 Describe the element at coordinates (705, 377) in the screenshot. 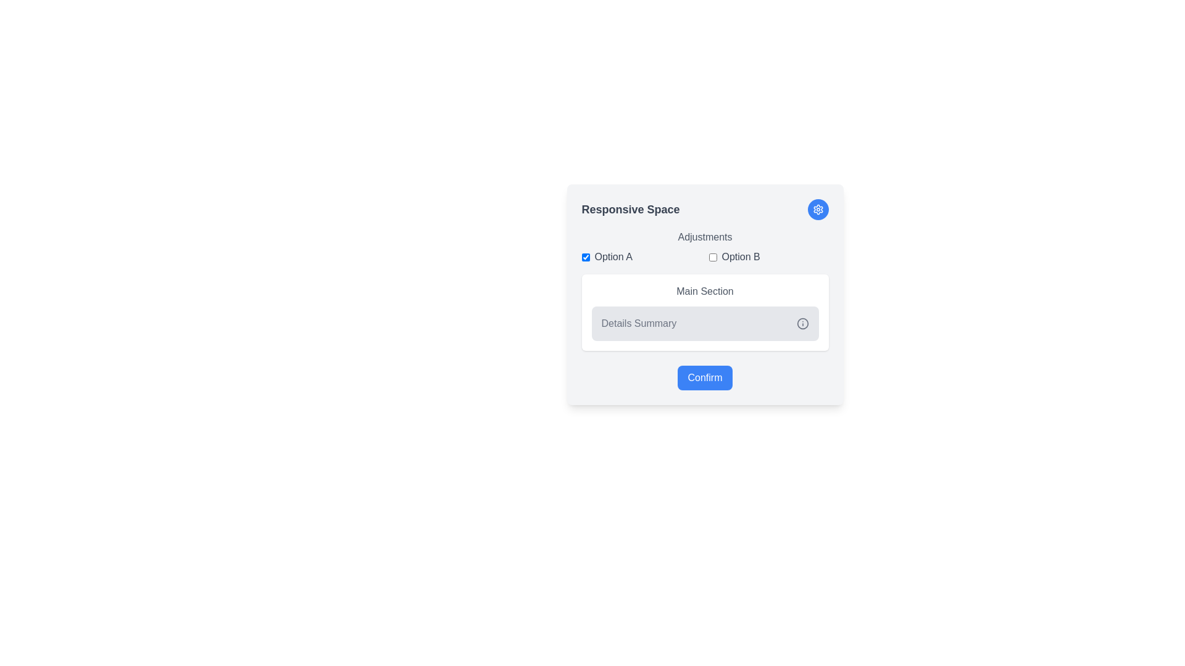

I see `the confirm button located at the bottom center of the modal to confirm the user's selections or actions` at that location.